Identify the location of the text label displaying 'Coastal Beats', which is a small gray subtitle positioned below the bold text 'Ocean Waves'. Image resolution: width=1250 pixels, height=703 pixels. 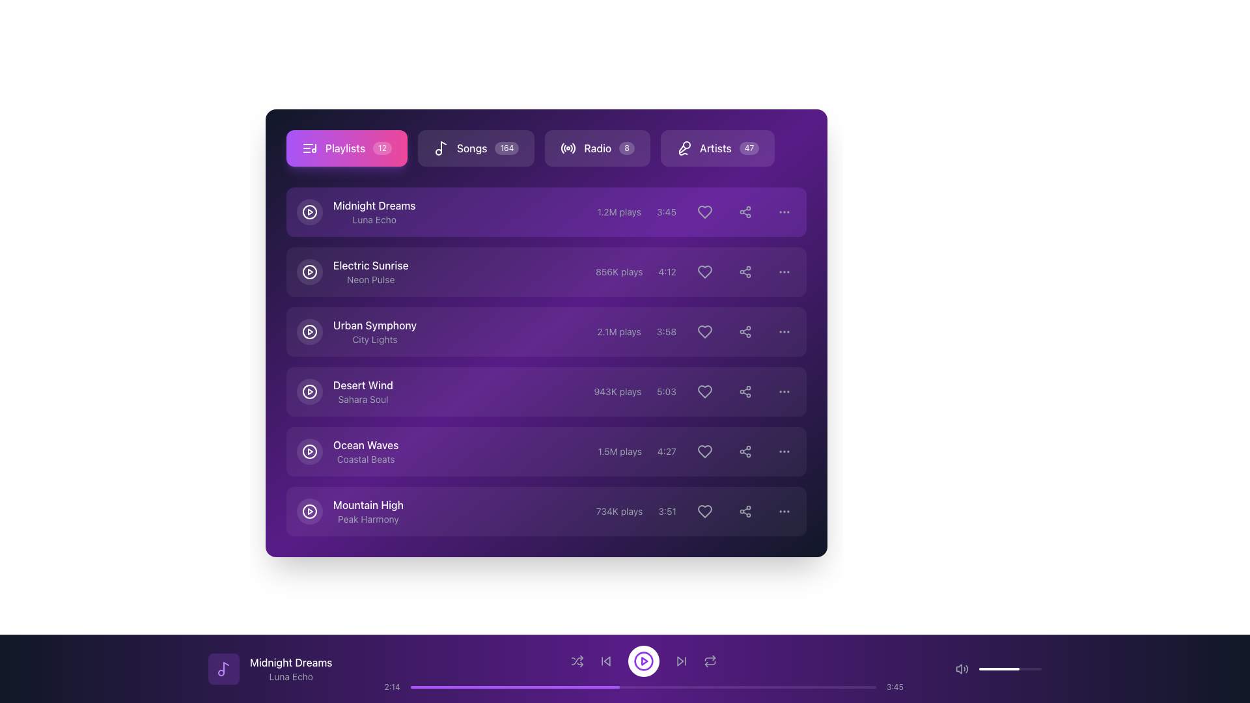
(365, 458).